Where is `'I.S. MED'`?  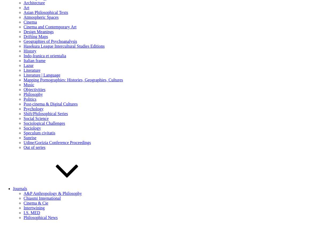 'I.S. MED' is located at coordinates (32, 212).